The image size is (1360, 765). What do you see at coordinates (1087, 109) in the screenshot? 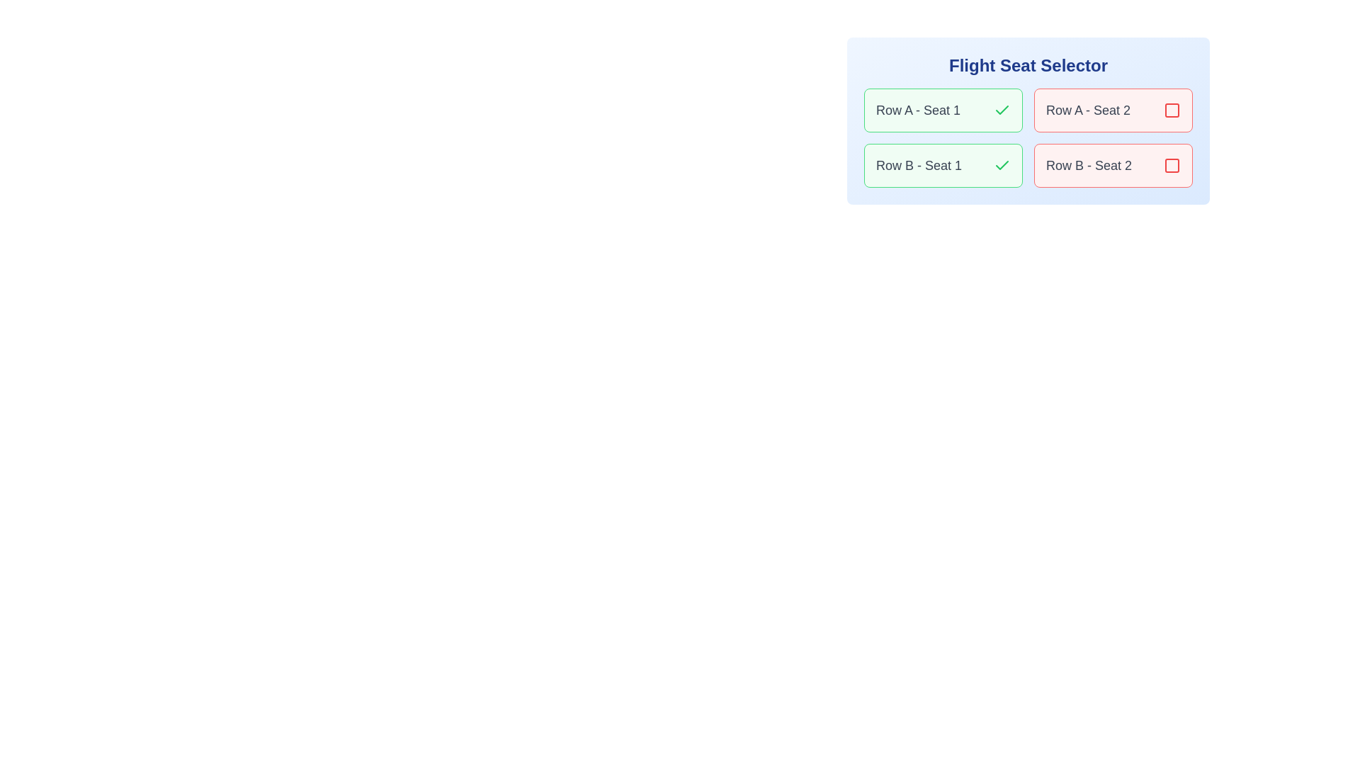
I see `the text label reading 'Row A - Seat 2', which is styled with a medium, dark-gray font and located in a rectangular box with a soft red background` at bounding box center [1087, 109].